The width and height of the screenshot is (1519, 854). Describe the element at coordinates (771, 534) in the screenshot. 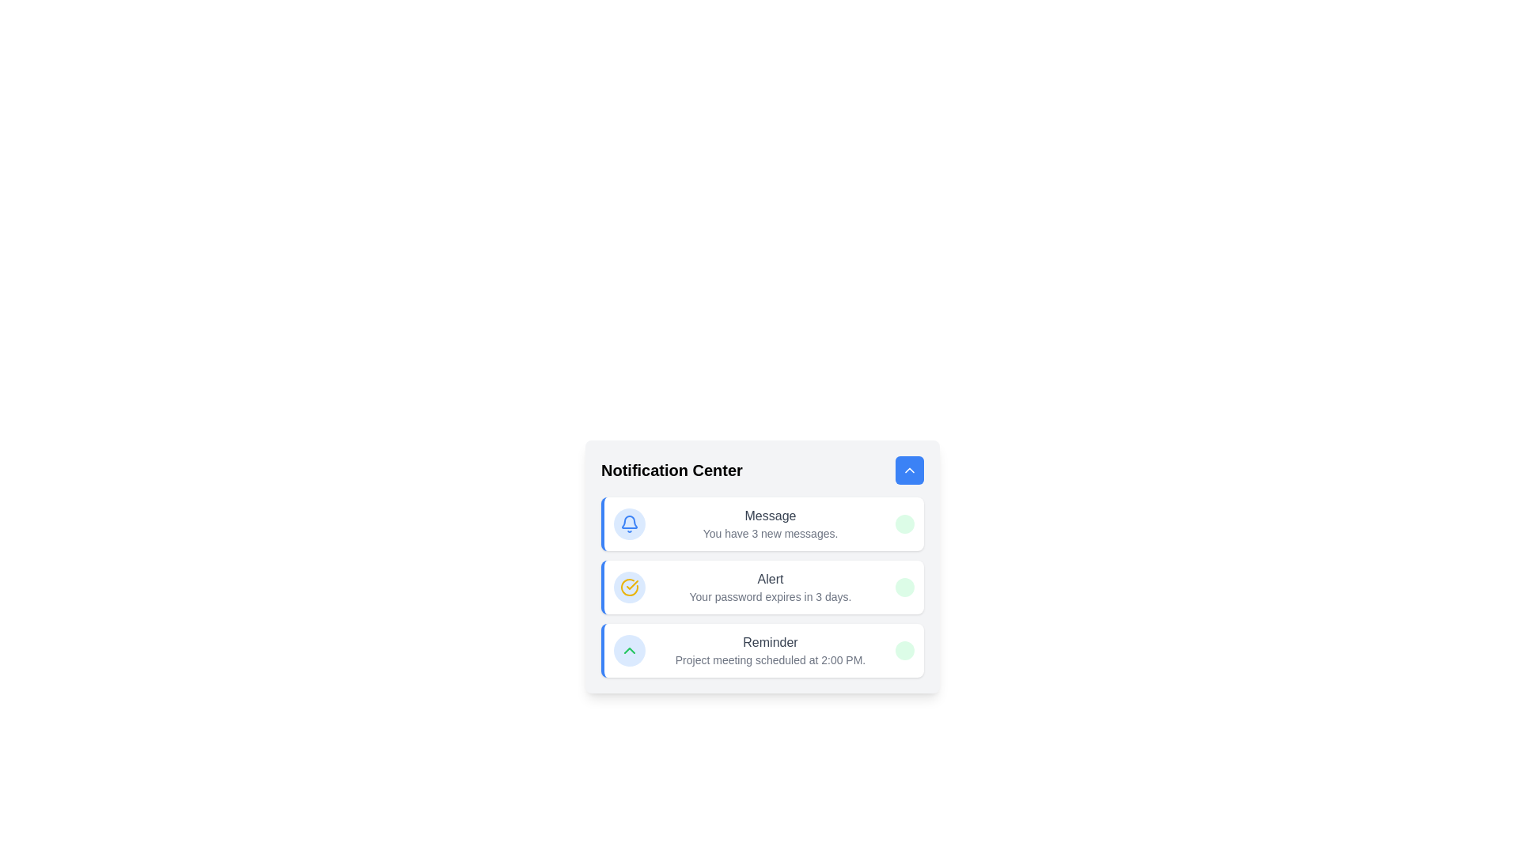

I see `the text label displaying 'You have 3 new messages.' located below the bold text label 'Message' within the notification card` at that location.